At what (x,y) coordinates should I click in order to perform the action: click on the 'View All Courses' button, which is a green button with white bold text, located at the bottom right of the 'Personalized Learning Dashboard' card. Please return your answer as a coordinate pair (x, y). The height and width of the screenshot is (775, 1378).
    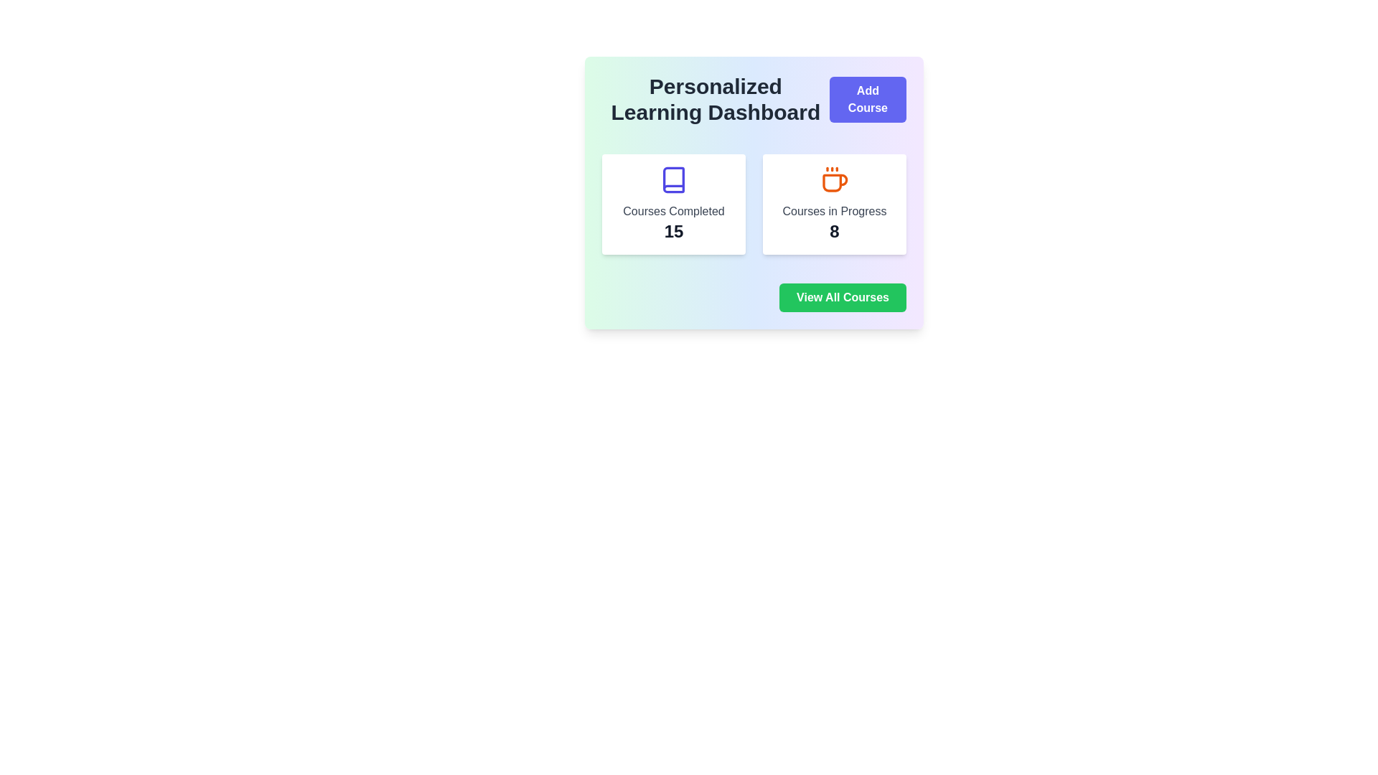
    Looking at the image, I should click on (843, 297).